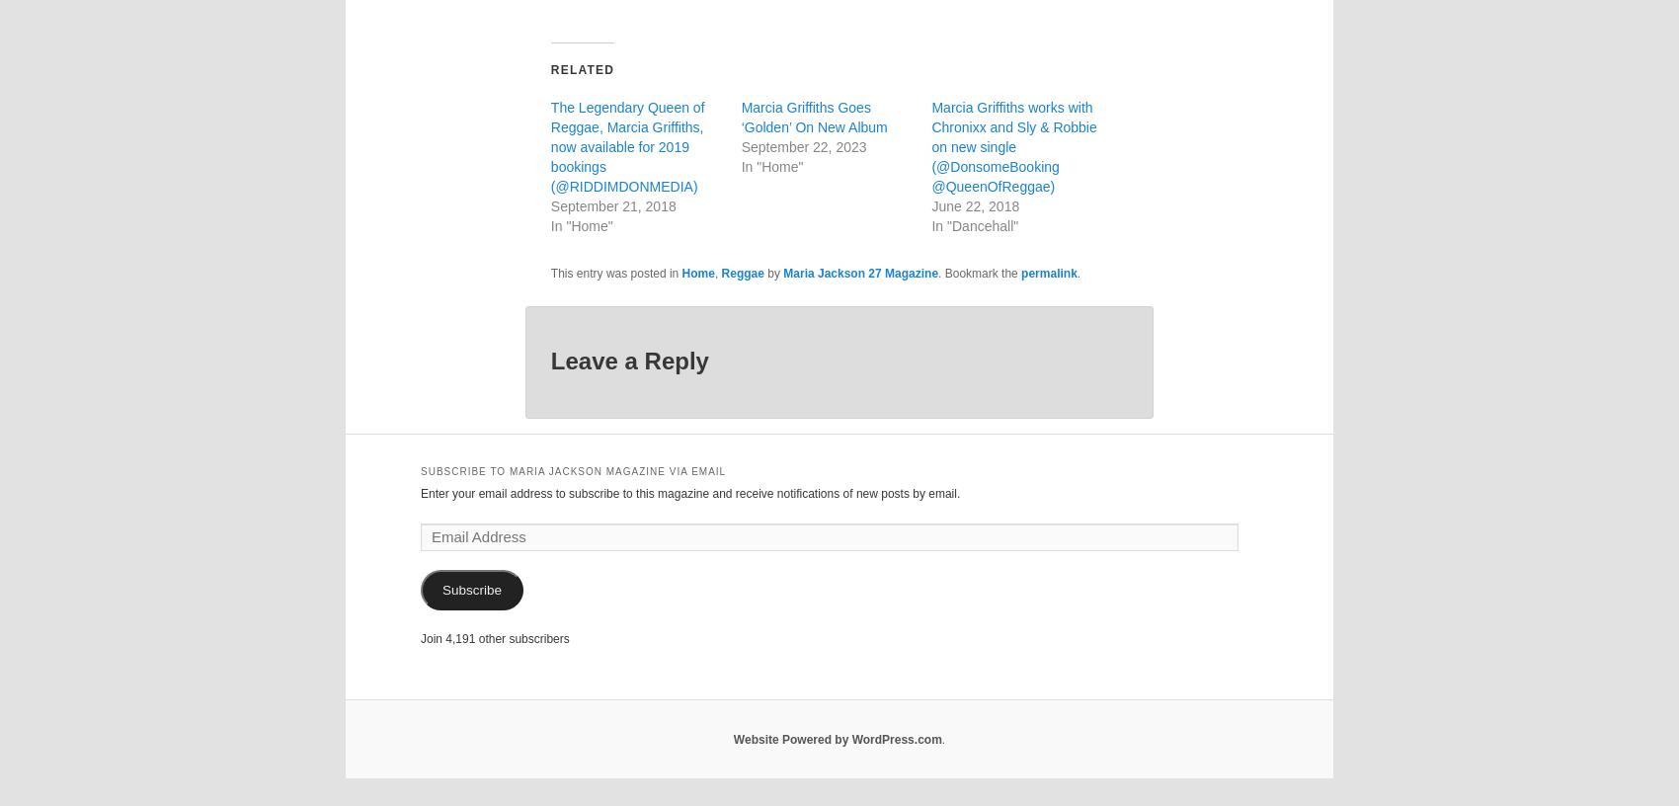 This screenshot has height=806, width=1679. Describe the element at coordinates (978, 273) in the screenshot. I see `'. Bookmark the'` at that location.